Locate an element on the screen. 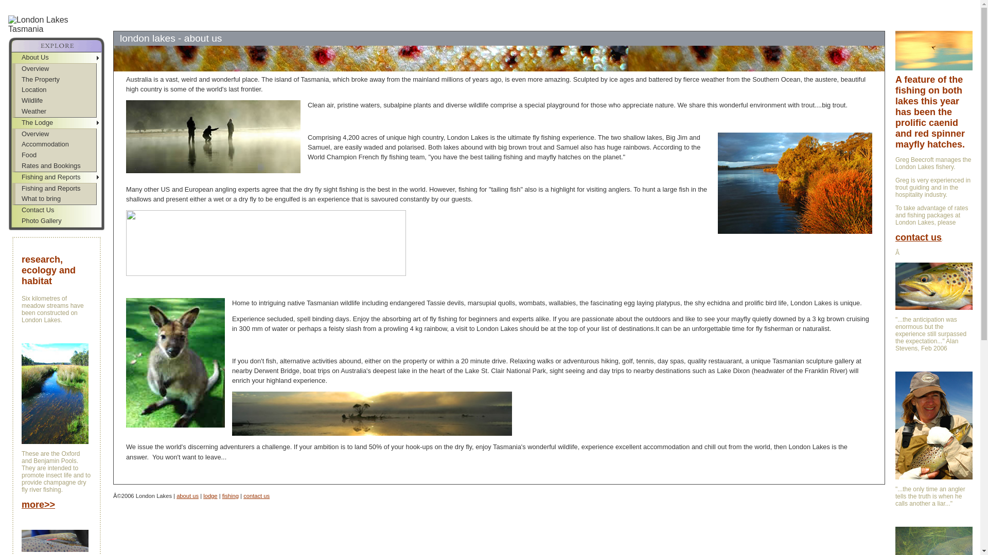 The image size is (988, 555). 'Skip to Navigation Bar' is located at coordinates (34, 4).